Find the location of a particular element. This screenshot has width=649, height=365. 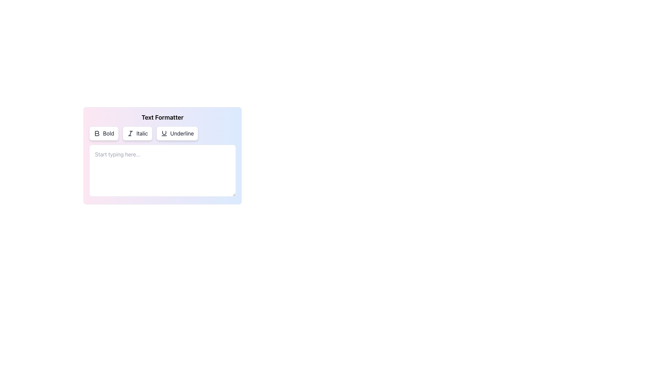

the 'Italic' button icon in the text formatting toolbar, which is located between the 'Bold' and 'Underline' buttons is located at coordinates (130, 133).